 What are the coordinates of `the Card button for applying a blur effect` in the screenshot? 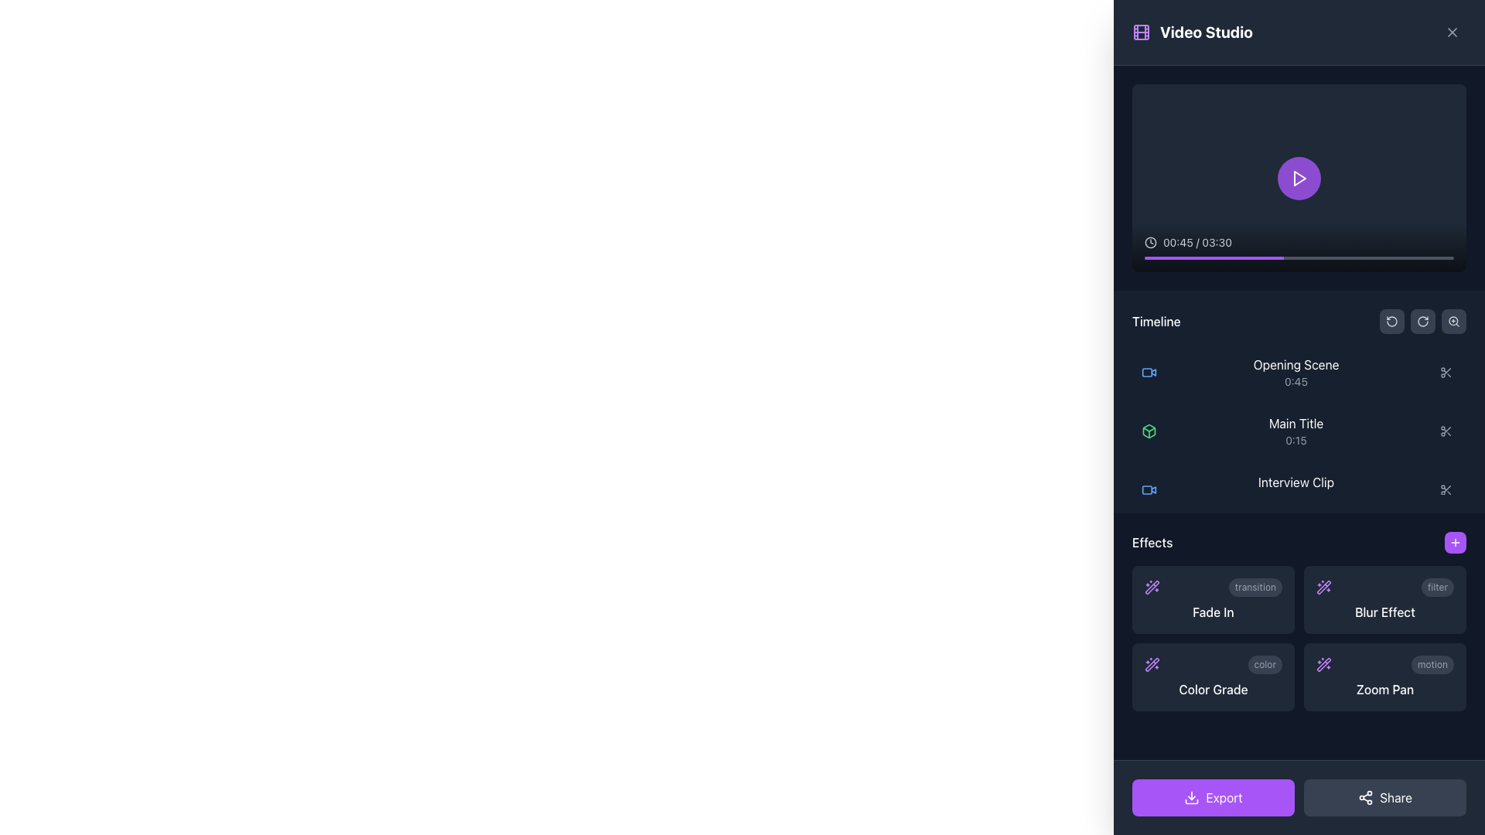 It's located at (1384, 598).